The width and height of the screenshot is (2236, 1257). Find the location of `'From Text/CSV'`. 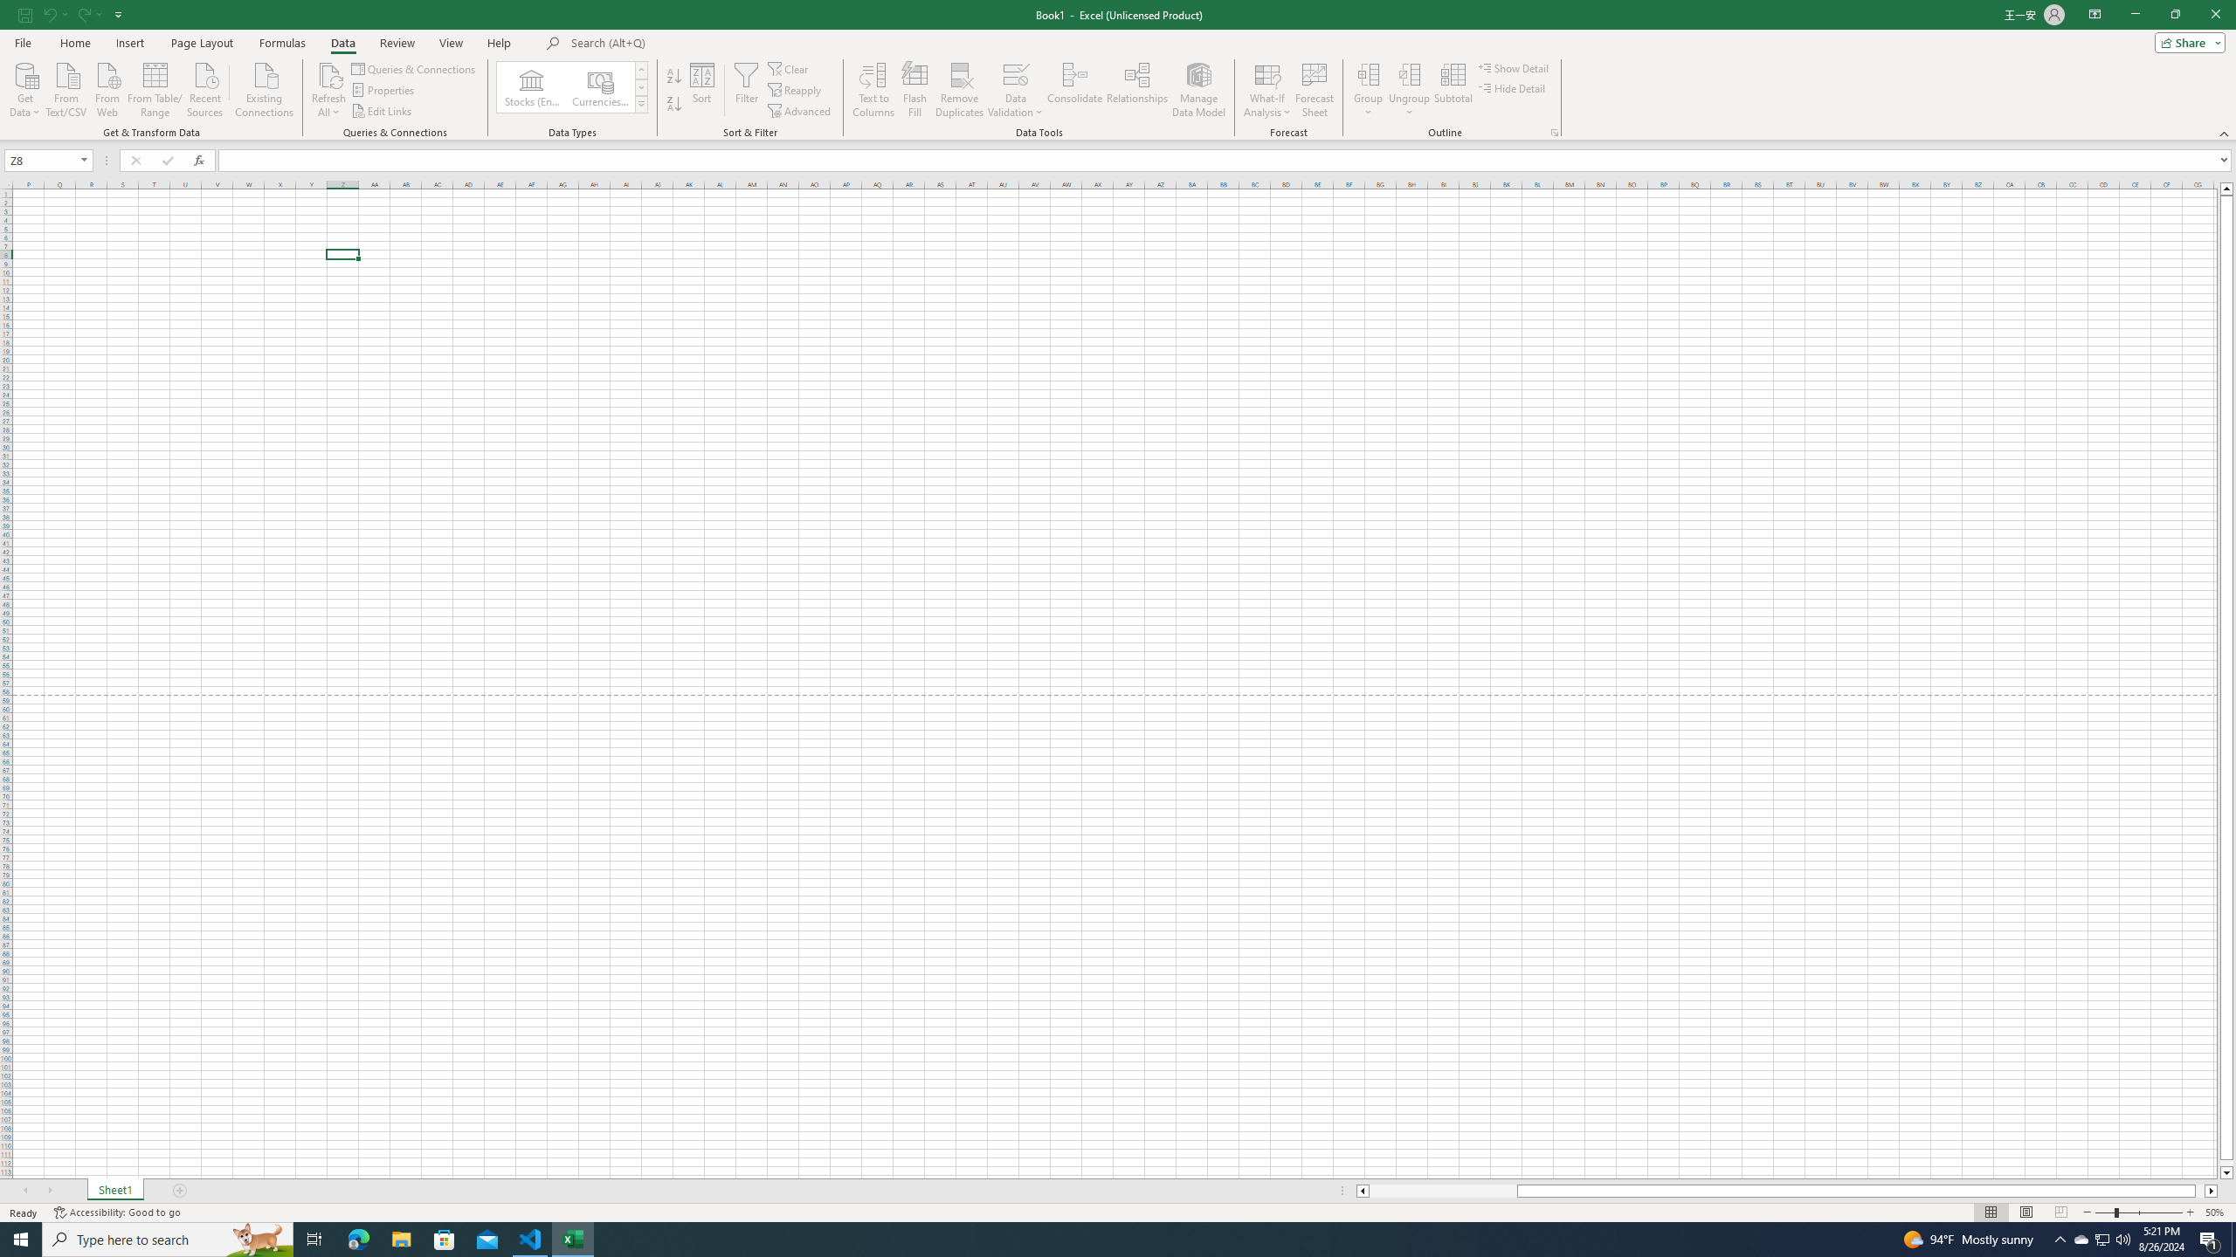

'From Text/CSV' is located at coordinates (66, 87).